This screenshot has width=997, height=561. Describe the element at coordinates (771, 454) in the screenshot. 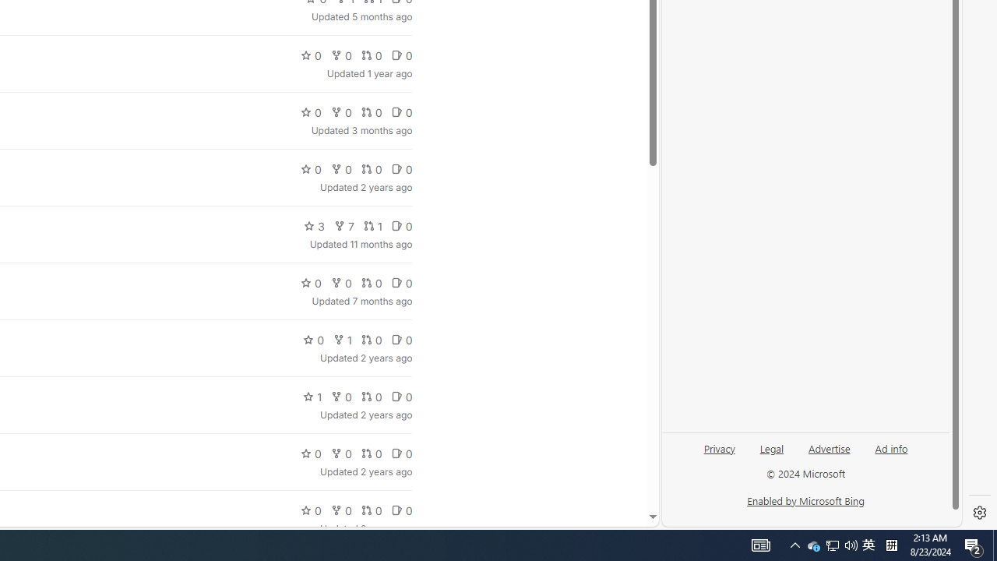

I see `'Legal'` at that location.